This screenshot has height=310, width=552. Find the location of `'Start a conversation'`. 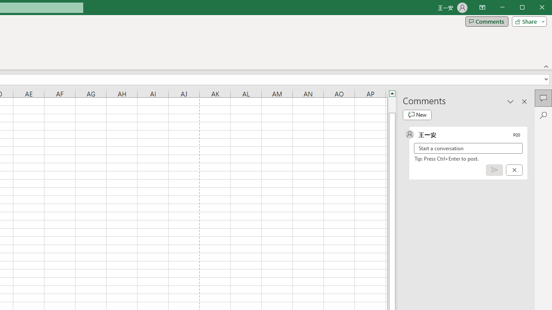

'Start a conversation' is located at coordinates (468, 148).